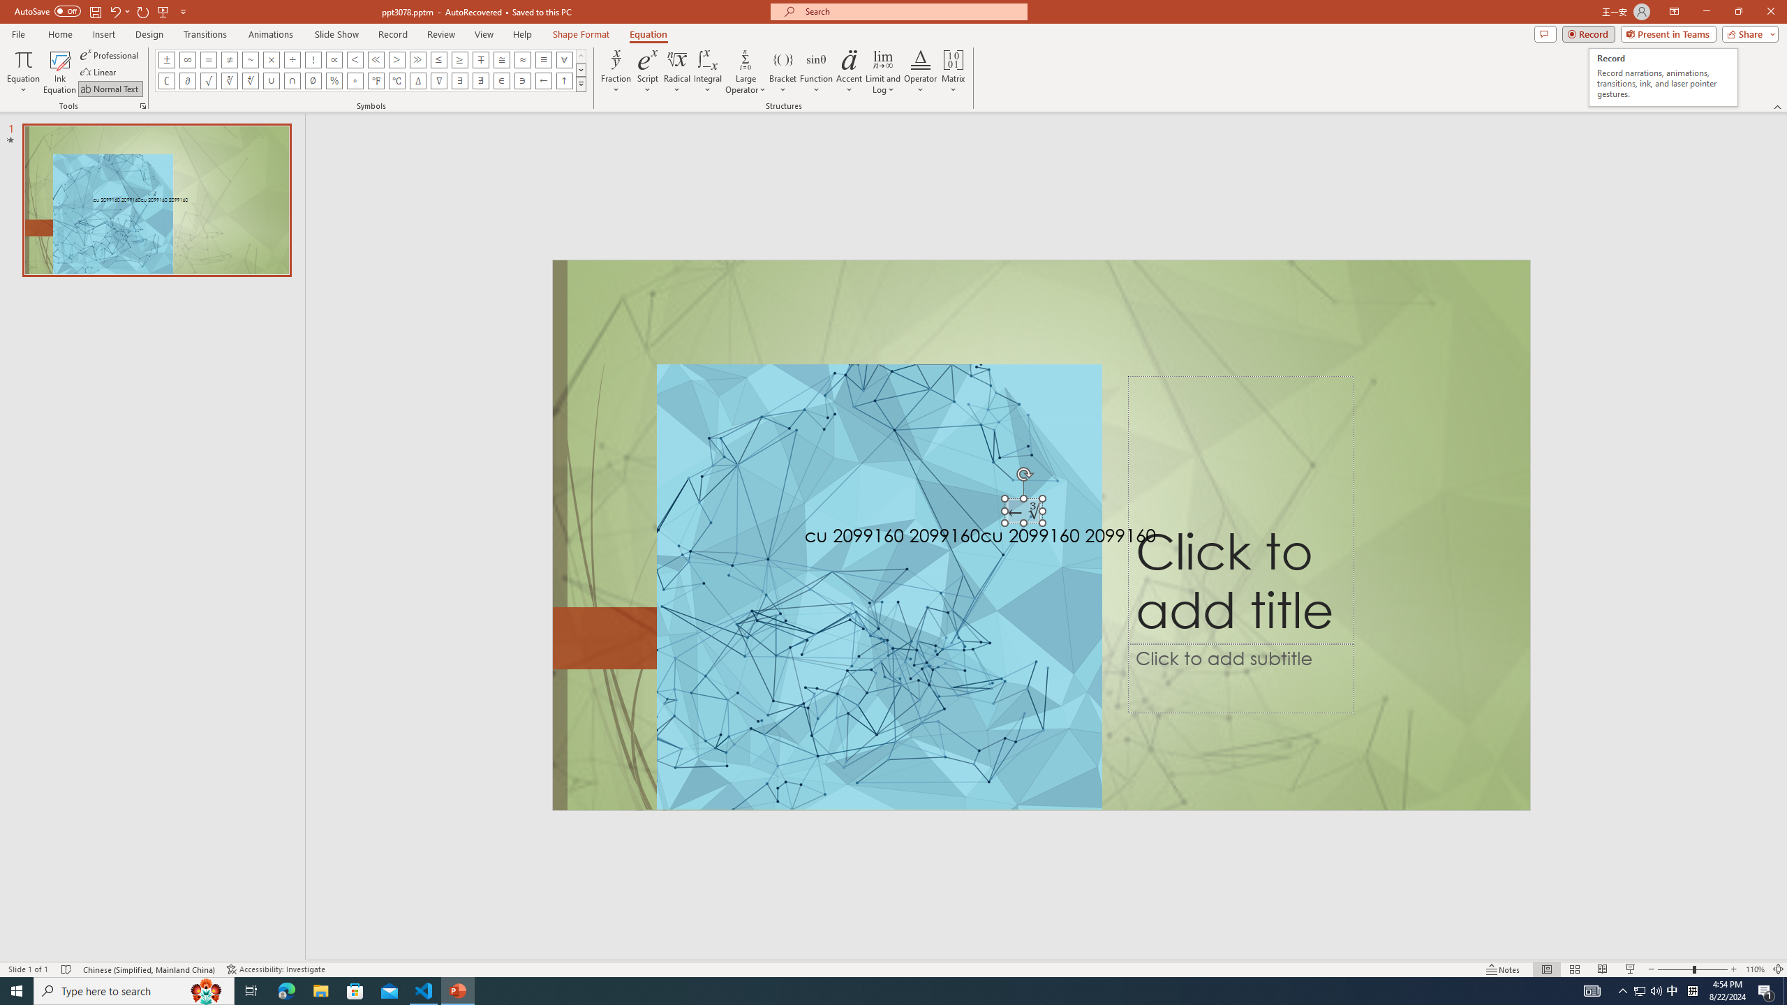 This screenshot has height=1005, width=1787. I want to click on 'Equation Symbol Element Of', so click(501, 80).